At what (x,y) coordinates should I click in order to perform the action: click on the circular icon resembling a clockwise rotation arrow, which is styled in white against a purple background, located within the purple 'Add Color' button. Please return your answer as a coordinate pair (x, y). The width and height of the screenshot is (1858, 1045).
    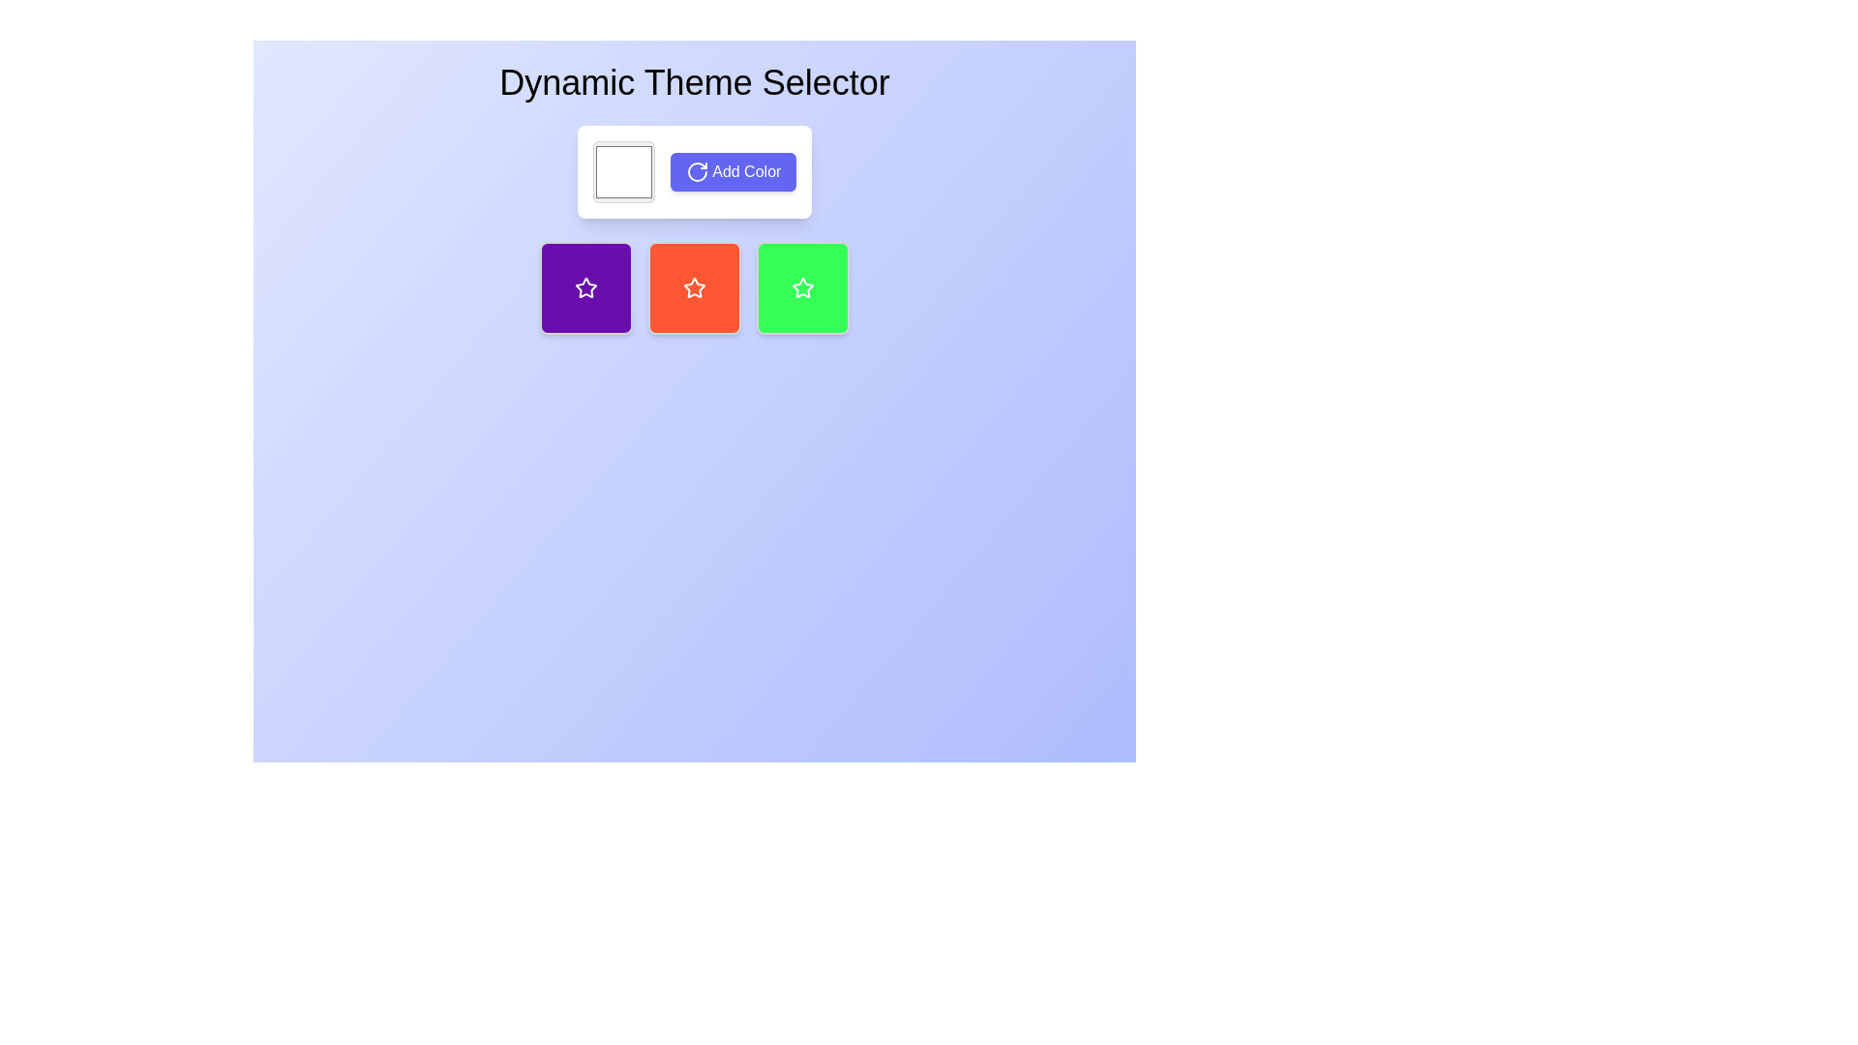
    Looking at the image, I should click on (697, 171).